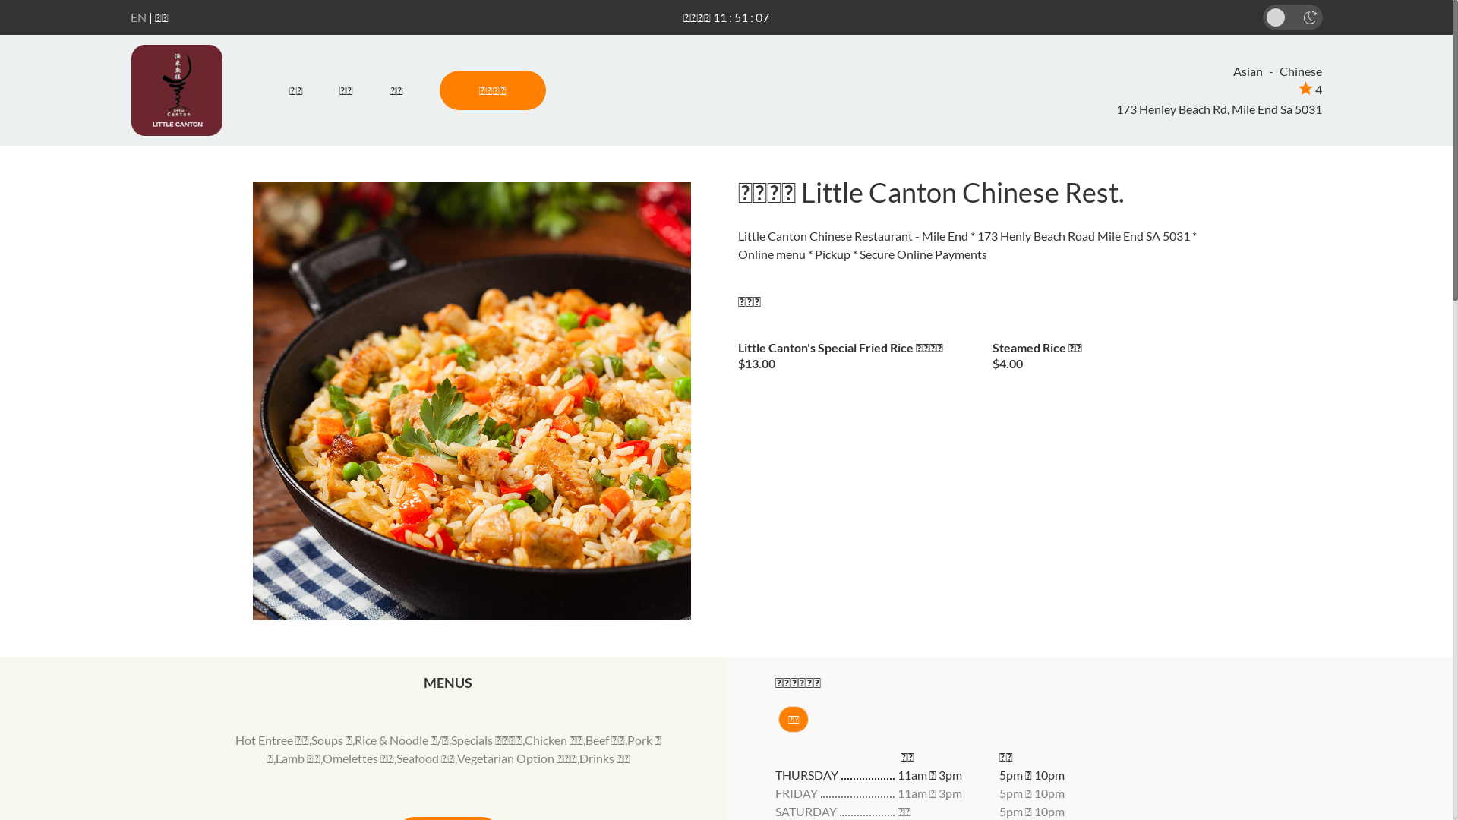  I want to click on 'EN', so click(138, 17).